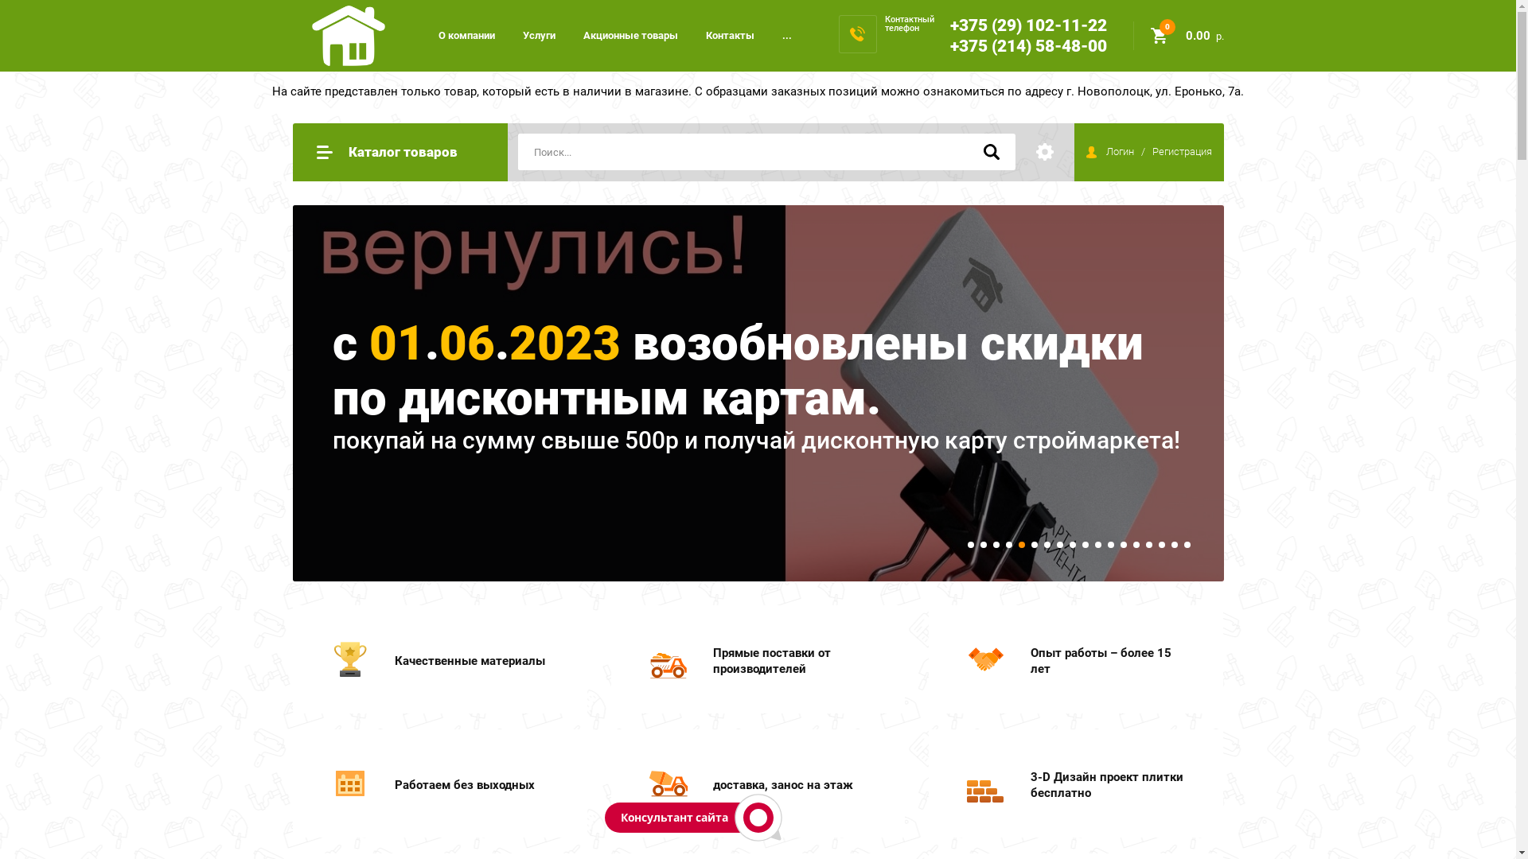 The width and height of the screenshot is (1528, 859). Describe the element at coordinates (969, 544) in the screenshot. I see `'1'` at that location.